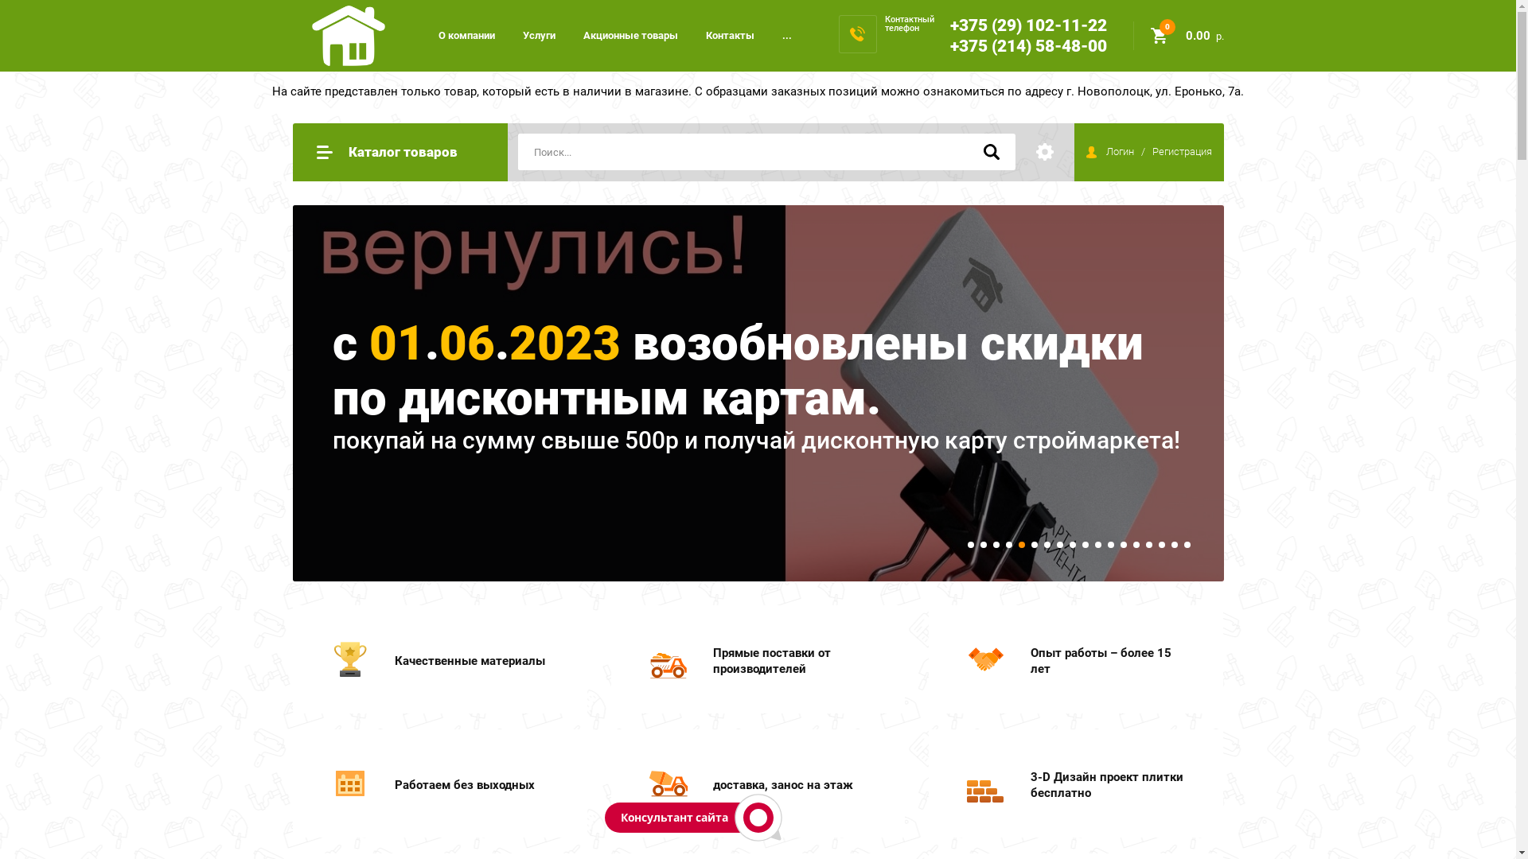 The width and height of the screenshot is (1528, 859). Describe the element at coordinates (969, 544) in the screenshot. I see `'1'` at that location.